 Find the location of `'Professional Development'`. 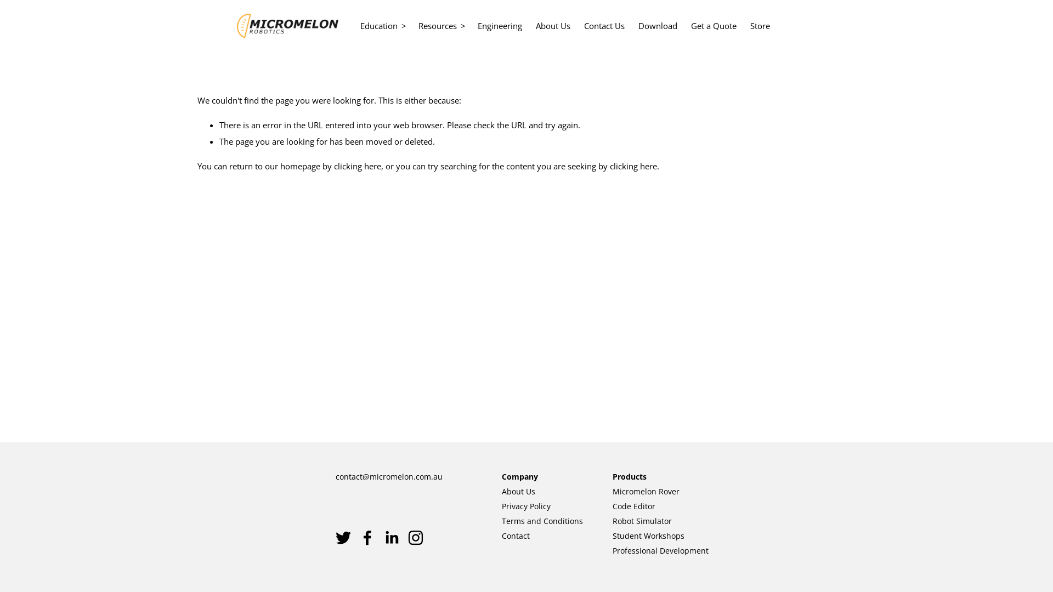

'Professional Development' is located at coordinates (660, 551).